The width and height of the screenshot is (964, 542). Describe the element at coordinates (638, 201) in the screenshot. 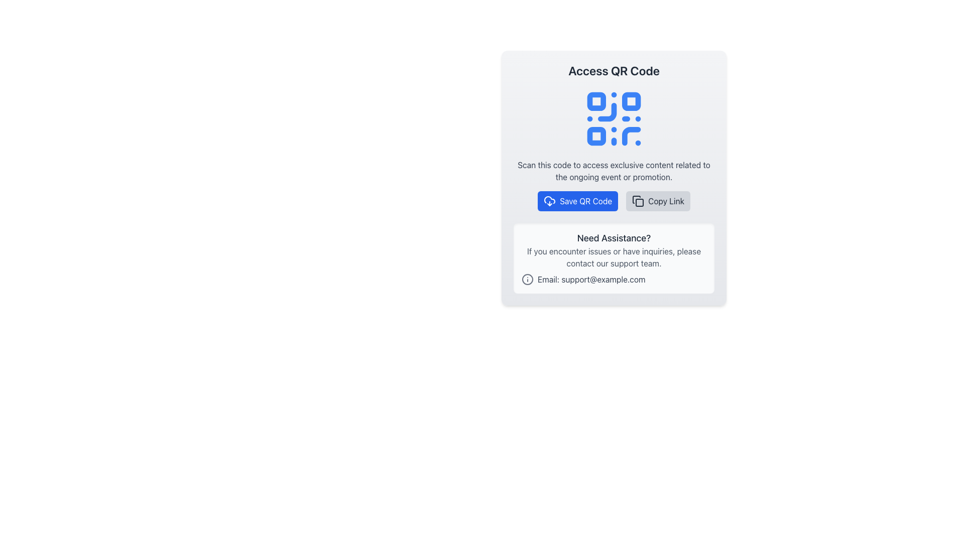

I see `the 'Copy Link' button icon which resembles overlapping squares and is located to the right of the 'Save QR Code' button in the footer section of the modal dialog` at that location.